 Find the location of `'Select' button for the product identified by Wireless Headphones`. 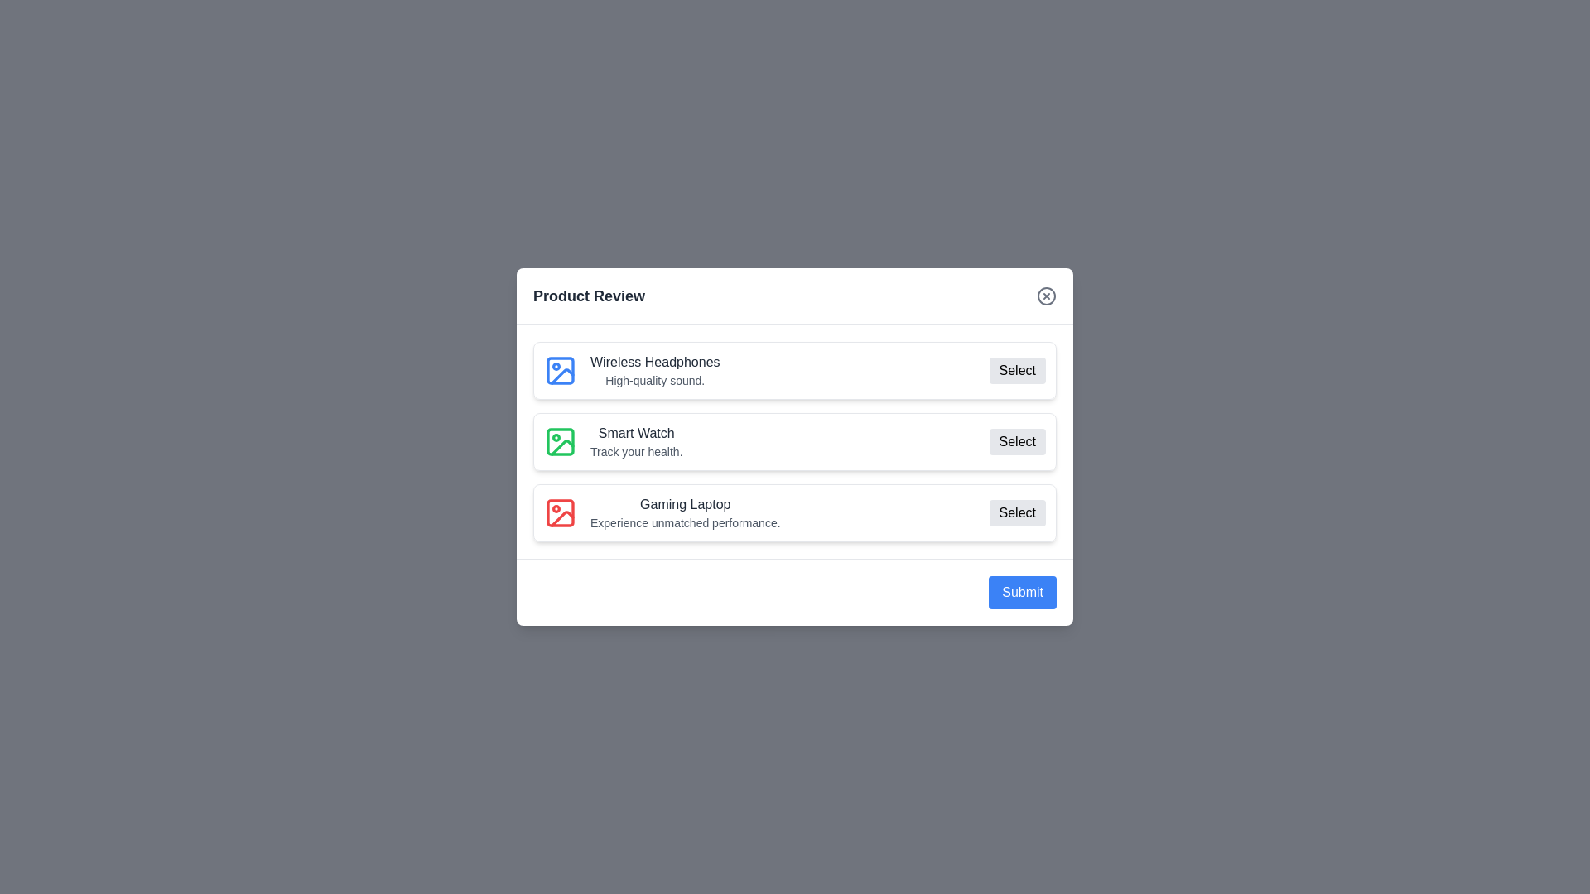

'Select' button for the product identified by Wireless Headphones is located at coordinates (1016, 369).